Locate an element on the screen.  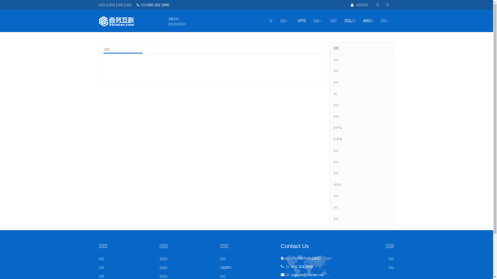
'support@35inter.net' is located at coordinates (307, 275).